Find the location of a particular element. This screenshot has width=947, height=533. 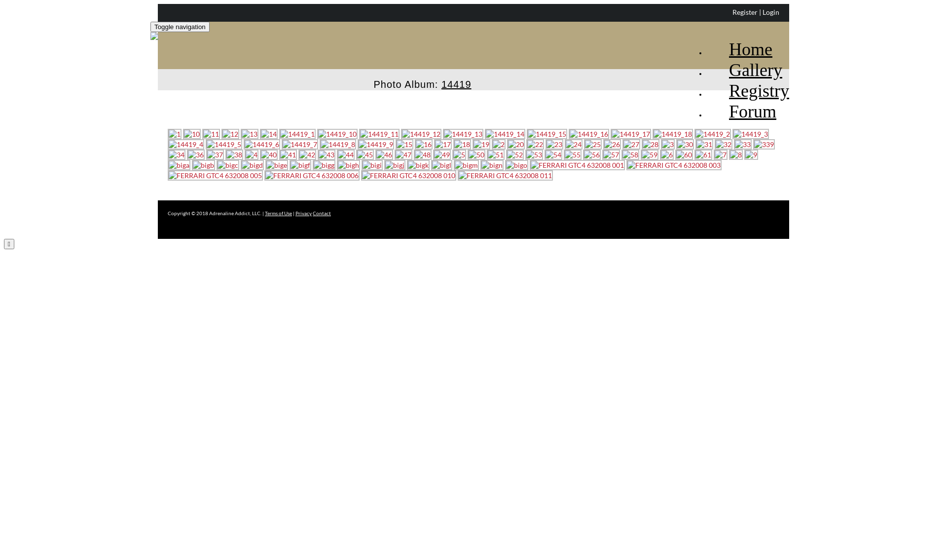

'37 (click to enlarge)' is located at coordinates (215, 154).